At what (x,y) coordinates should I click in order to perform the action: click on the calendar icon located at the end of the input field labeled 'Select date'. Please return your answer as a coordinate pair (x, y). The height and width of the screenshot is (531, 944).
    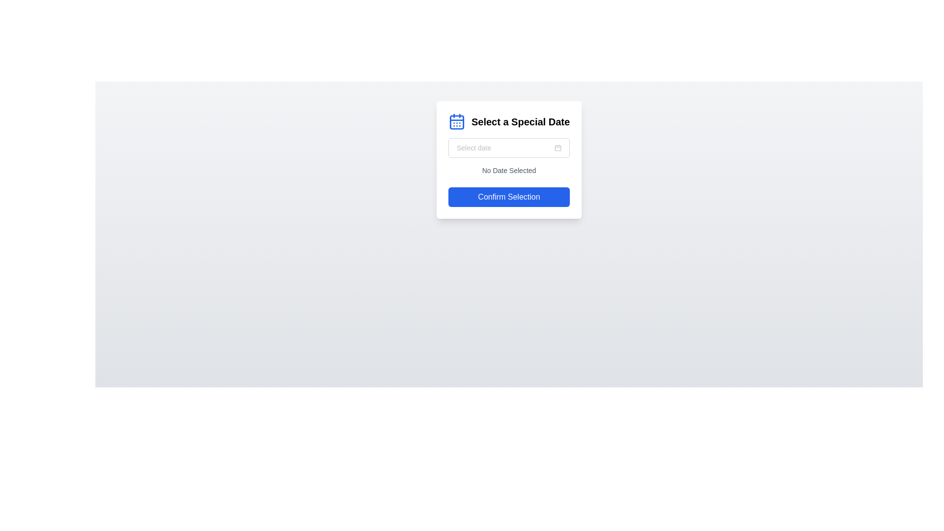
    Looking at the image, I should click on (558, 147).